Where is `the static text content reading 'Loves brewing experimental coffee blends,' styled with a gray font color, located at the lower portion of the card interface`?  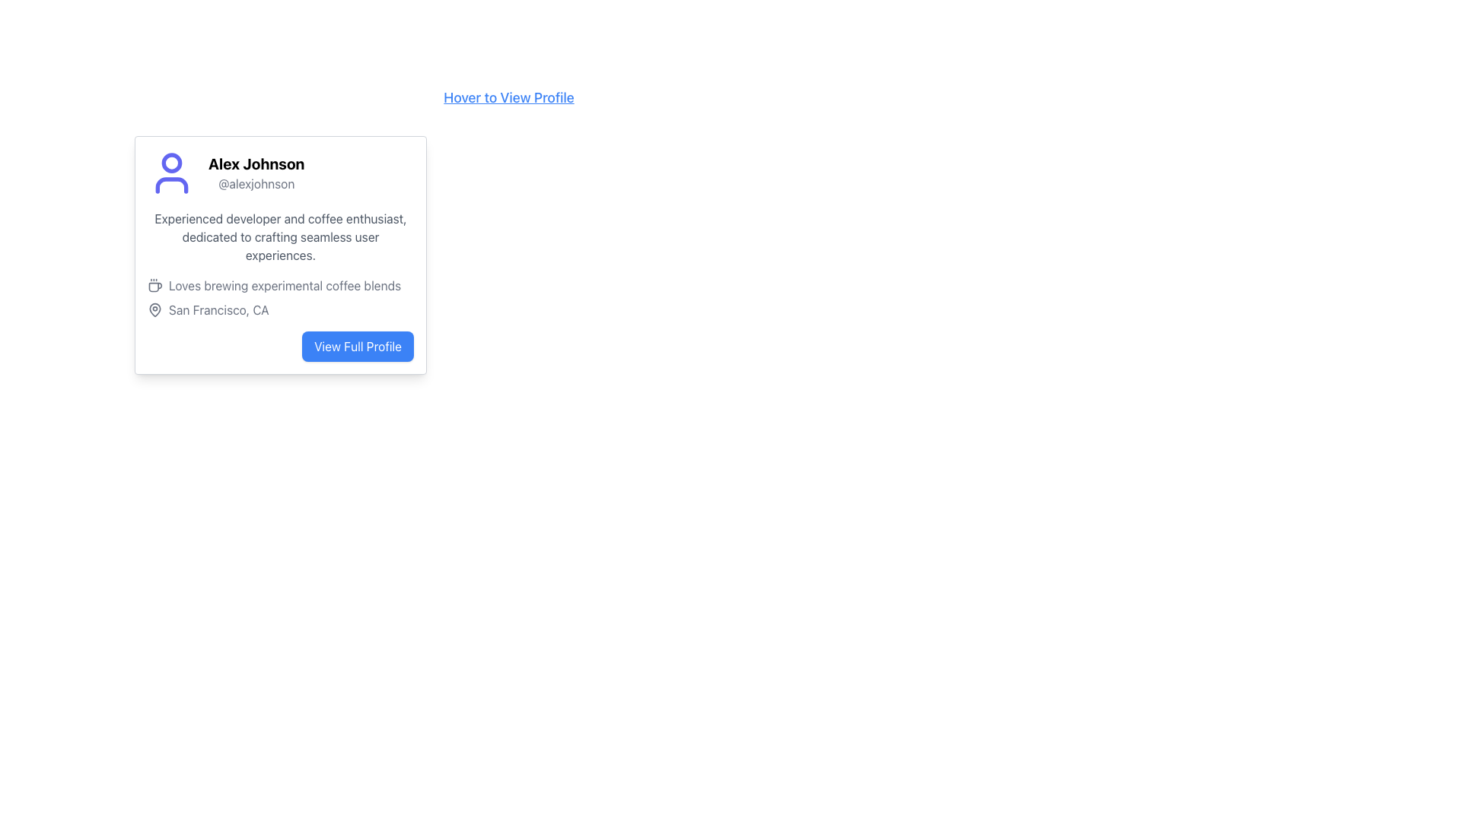 the static text content reading 'Loves brewing experimental coffee blends,' styled with a gray font color, located at the lower portion of the card interface is located at coordinates (285, 285).